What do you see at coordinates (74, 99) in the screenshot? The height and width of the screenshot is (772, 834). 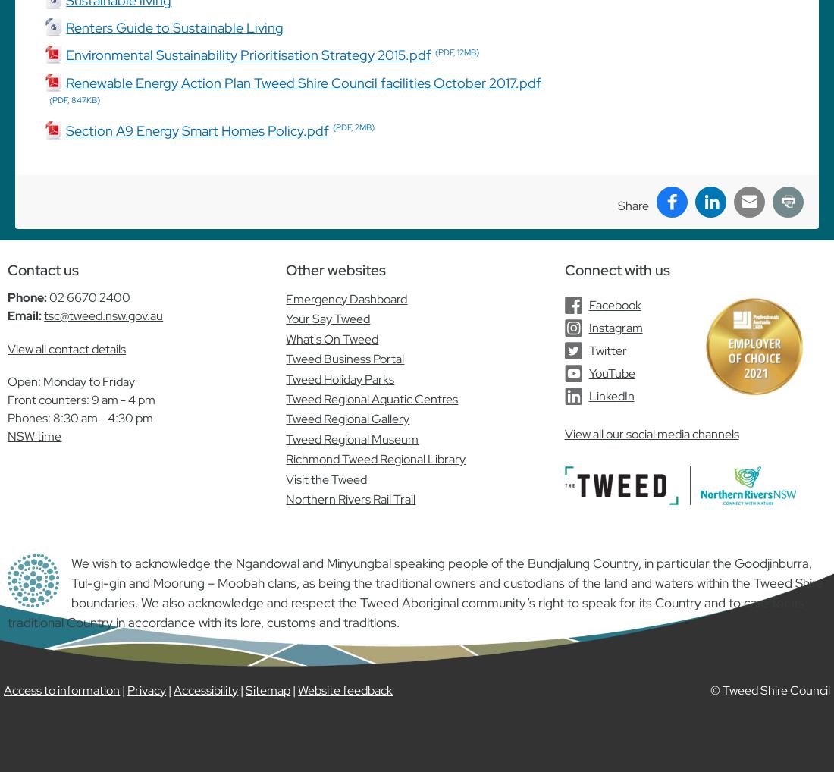 I see `'(PDF, 847KB)'` at bounding box center [74, 99].